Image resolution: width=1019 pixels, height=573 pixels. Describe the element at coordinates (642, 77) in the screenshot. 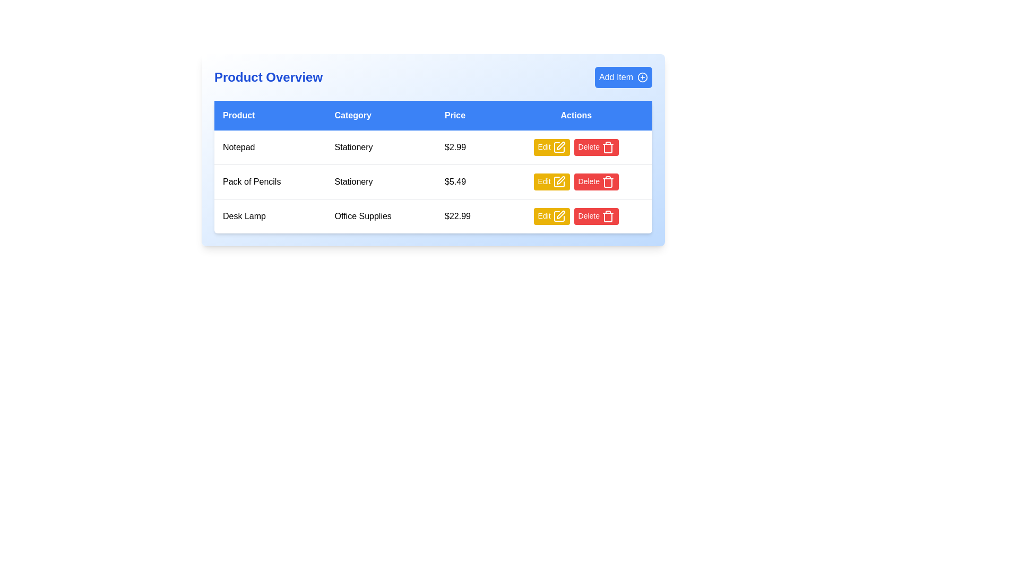

I see `the circular SVG element that is part of the 'Add Item' button located in the top-right corner of the interface` at that location.